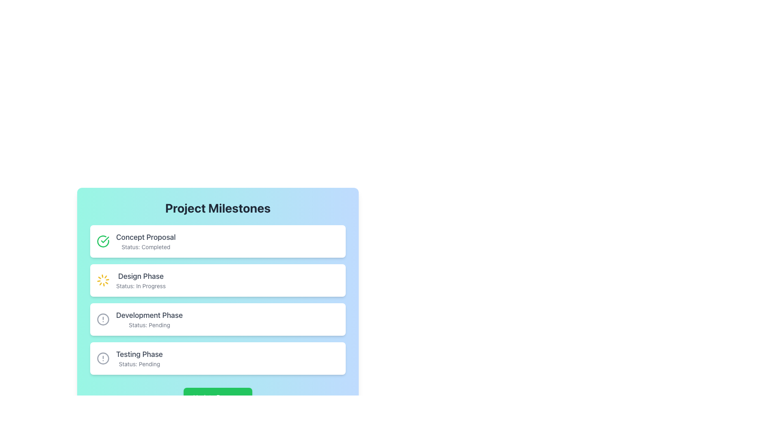  Describe the element at coordinates (149, 319) in the screenshot. I see `the text display area titled 'Development Phase' which shows the status as 'Pending'` at that location.